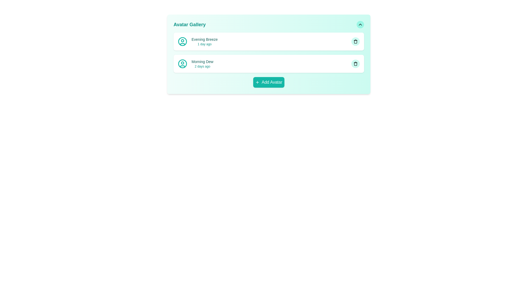 This screenshot has height=286, width=508. What do you see at coordinates (356, 63) in the screenshot?
I see `the small circular teal button with a trash icon located to the right of the 'Morning Dew' entry` at bounding box center [356, 63].